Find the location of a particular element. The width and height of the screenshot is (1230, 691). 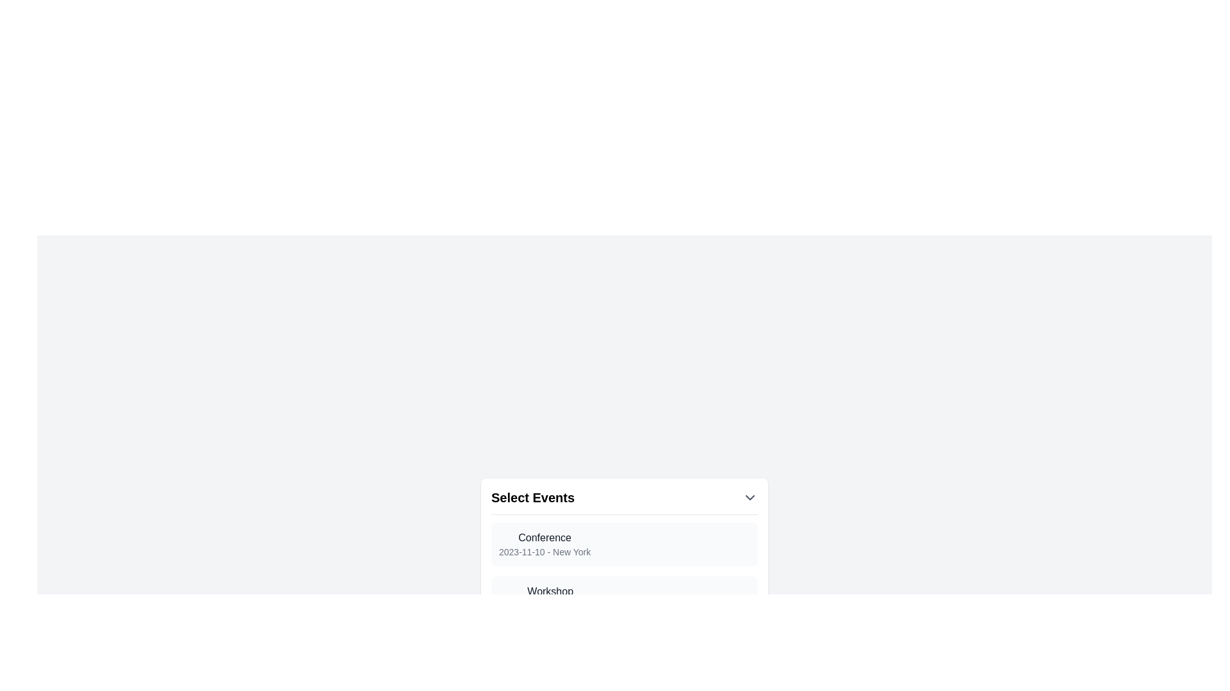

the text label displaying '2023-11-10 - New York', which is located below the 'Conference' label in the 'Select Events' dropdown interface is located at coordinates (545, 551).